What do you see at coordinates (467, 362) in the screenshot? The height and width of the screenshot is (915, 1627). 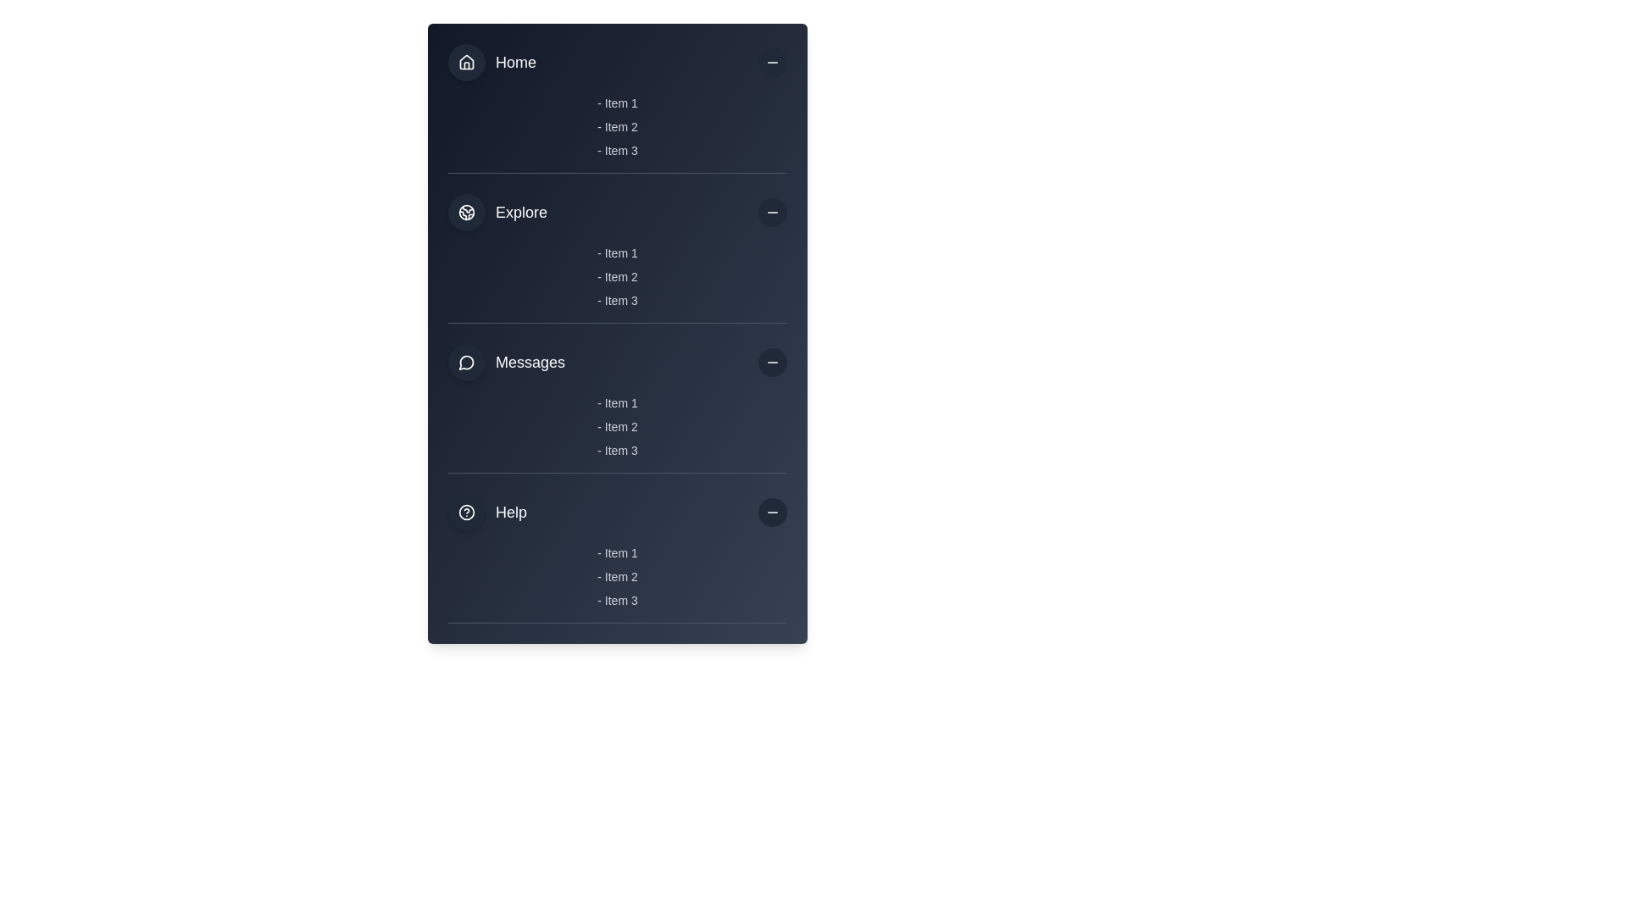 I see `the messages icon located at the top-left corner of the Messages section in the vertical navigation bar` at bounding box center [467, 362].